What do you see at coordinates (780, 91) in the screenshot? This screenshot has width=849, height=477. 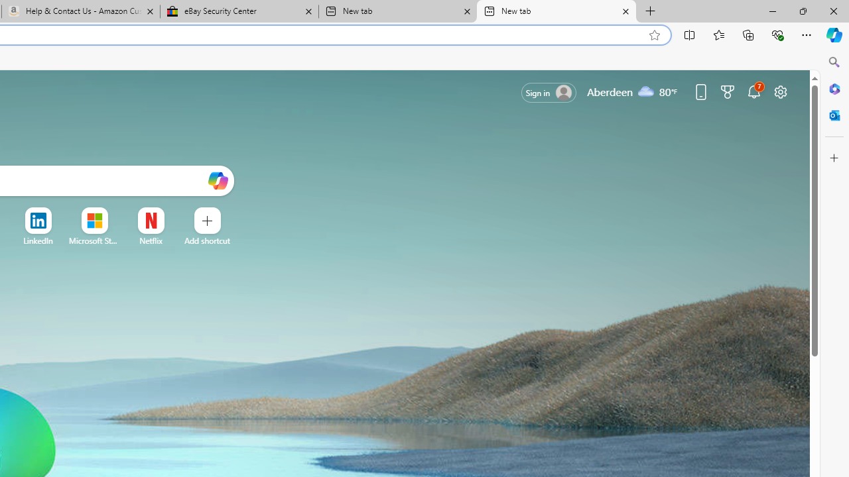 I see `'Page settings'` at bounding box center [780, 91].